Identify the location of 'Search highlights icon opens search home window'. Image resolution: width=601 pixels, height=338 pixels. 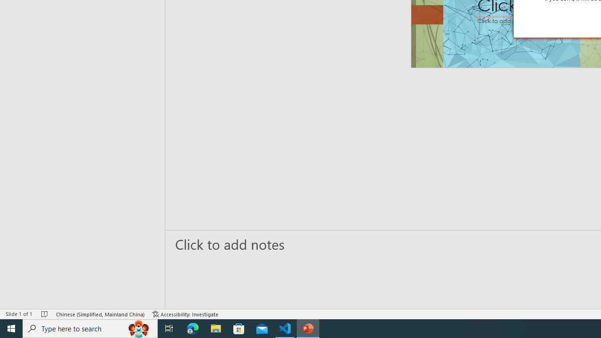
(138, 328).